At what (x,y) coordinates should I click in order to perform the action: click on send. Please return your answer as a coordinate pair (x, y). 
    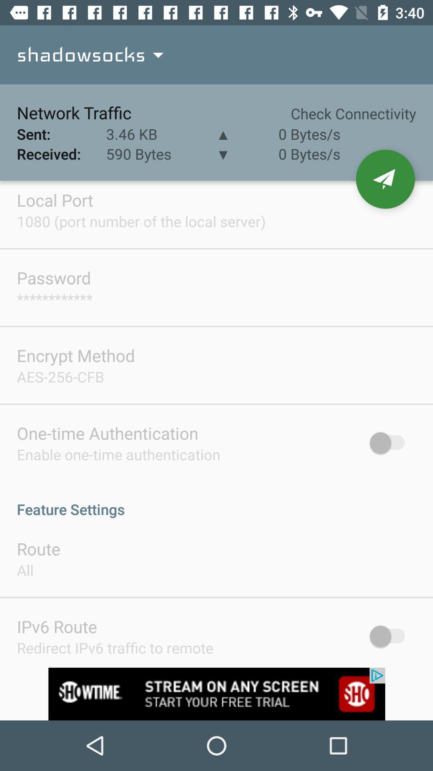
    Looking at the image, I should click on (385, 179).